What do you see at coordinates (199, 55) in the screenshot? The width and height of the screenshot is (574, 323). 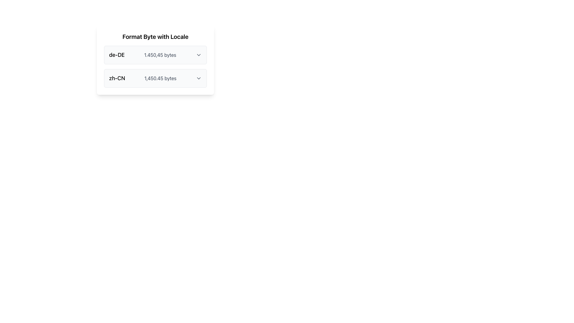 I see `the SVG icon representing the dropdown toggle for the 'de-DE' locale` at bounding box center [199, 55].